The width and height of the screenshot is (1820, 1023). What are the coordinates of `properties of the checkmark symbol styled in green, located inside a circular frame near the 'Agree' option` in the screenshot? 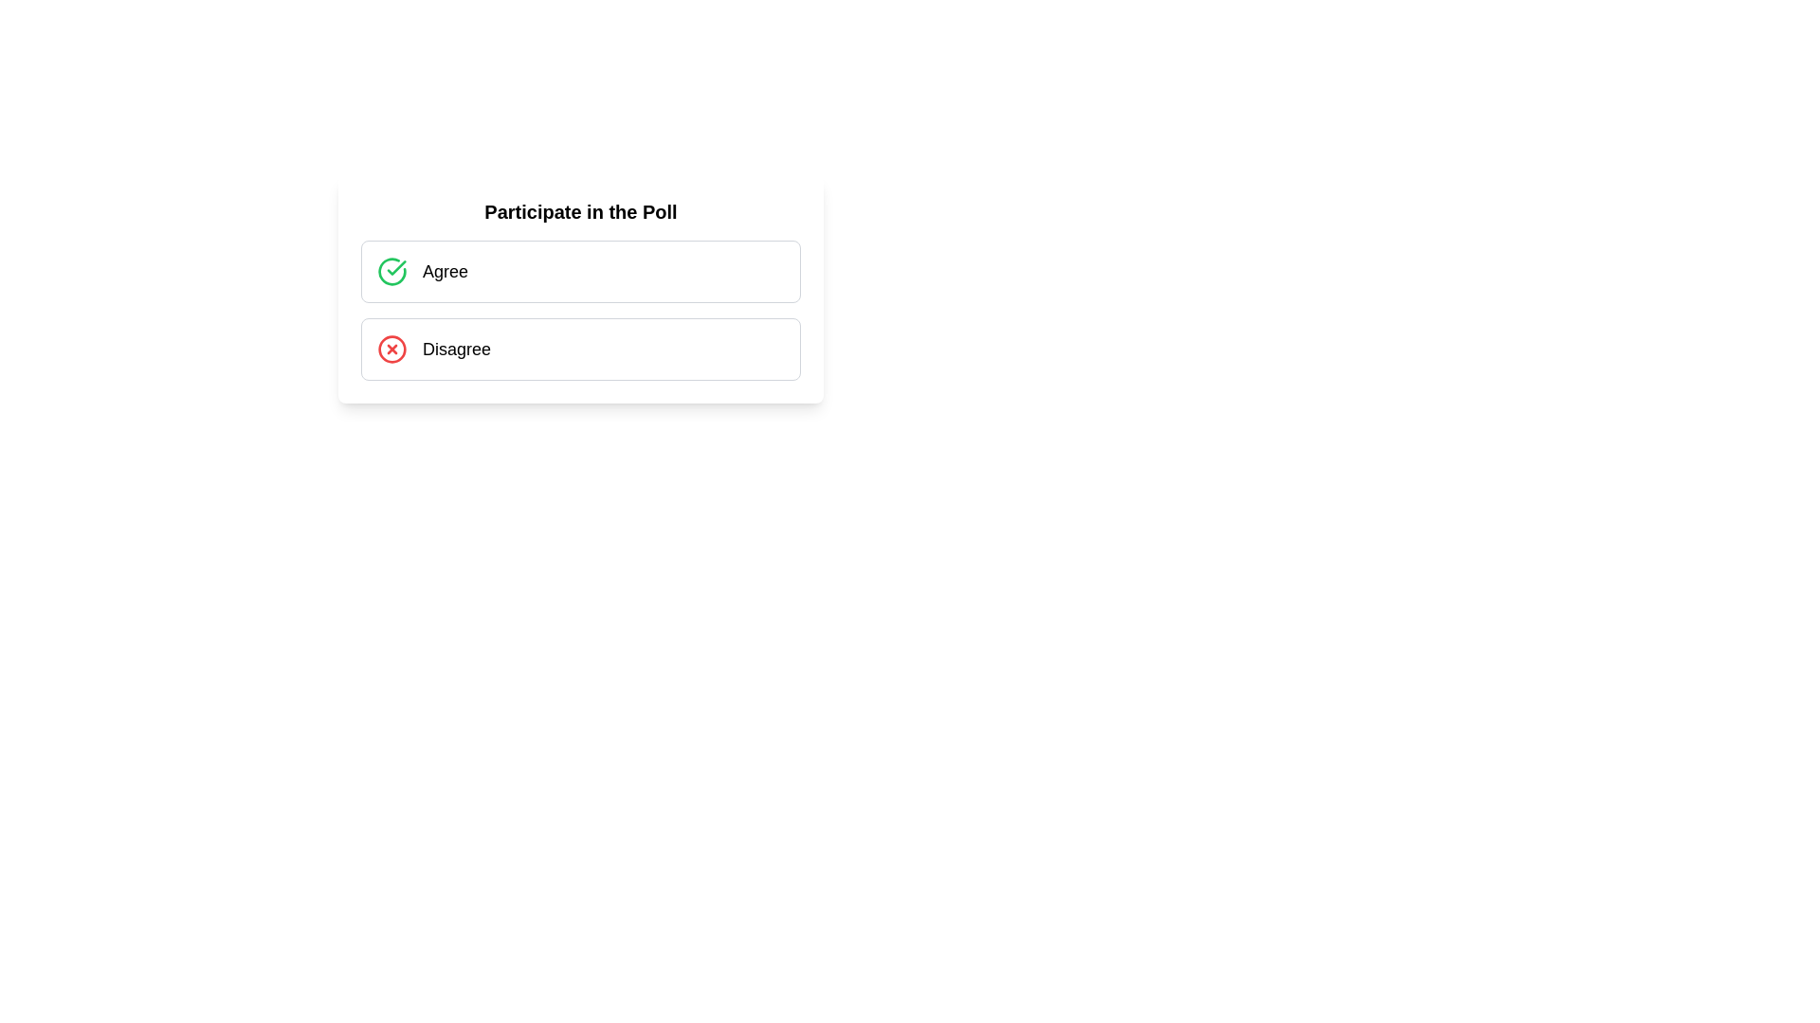 It's located at (395, 267).